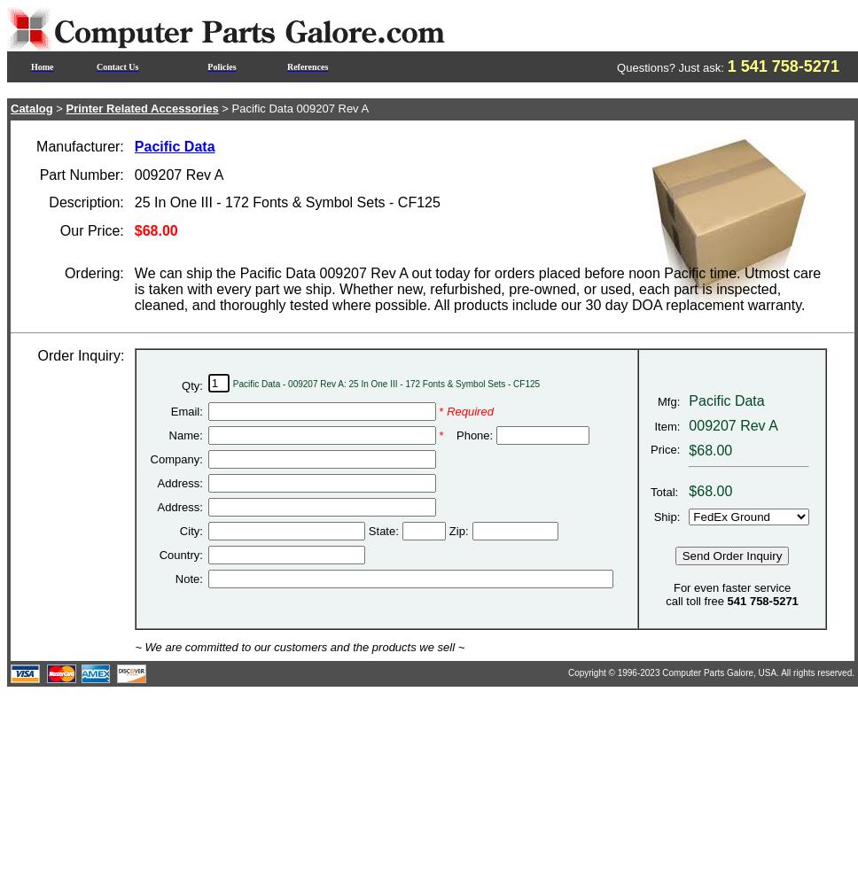 This screenshot has width=858, height=886. Describe the element at coordinates (184, 410) in the screenshot. I see `'Email:'` at that location.